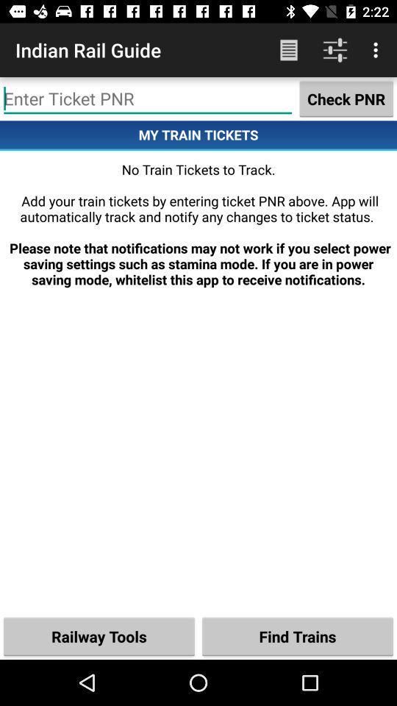  Describe the element at coordinates (148, 98) in the screenshot. I see `ticket entering space` at that location.